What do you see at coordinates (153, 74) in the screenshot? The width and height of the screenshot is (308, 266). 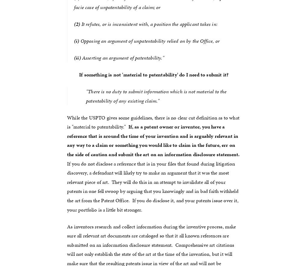 I see `'If something is not 'material to patentability' do I need to submit it?'` at bounding box center [153, 74].